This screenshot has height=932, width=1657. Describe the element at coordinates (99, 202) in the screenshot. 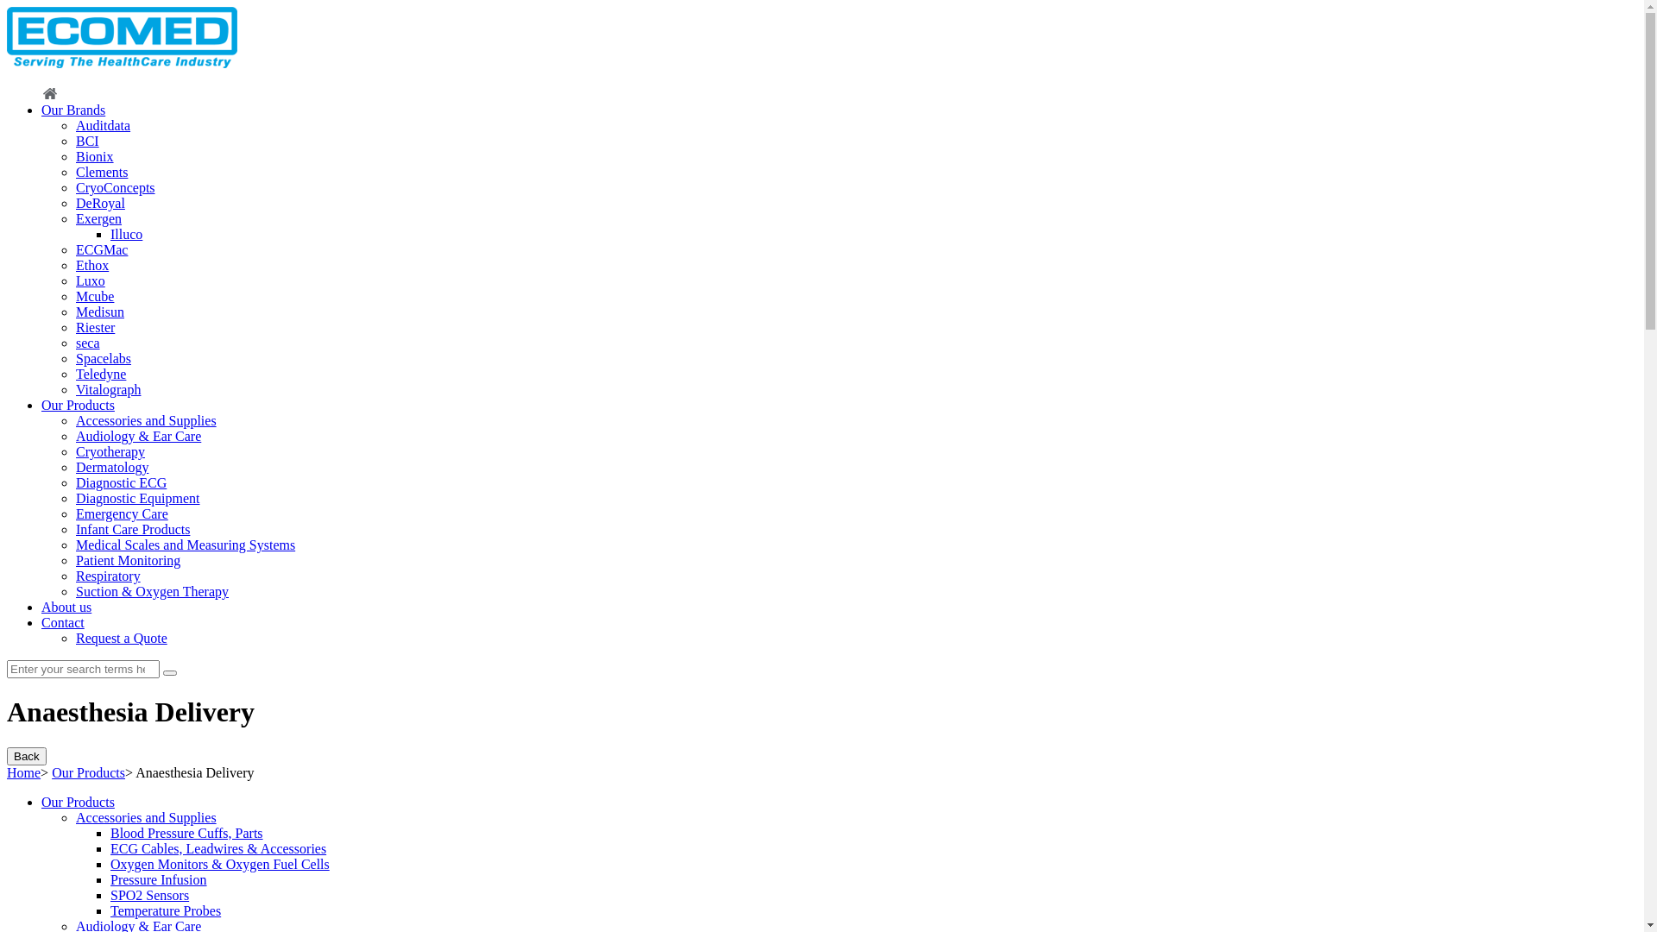

I see `'DeRoyal'` at that location.